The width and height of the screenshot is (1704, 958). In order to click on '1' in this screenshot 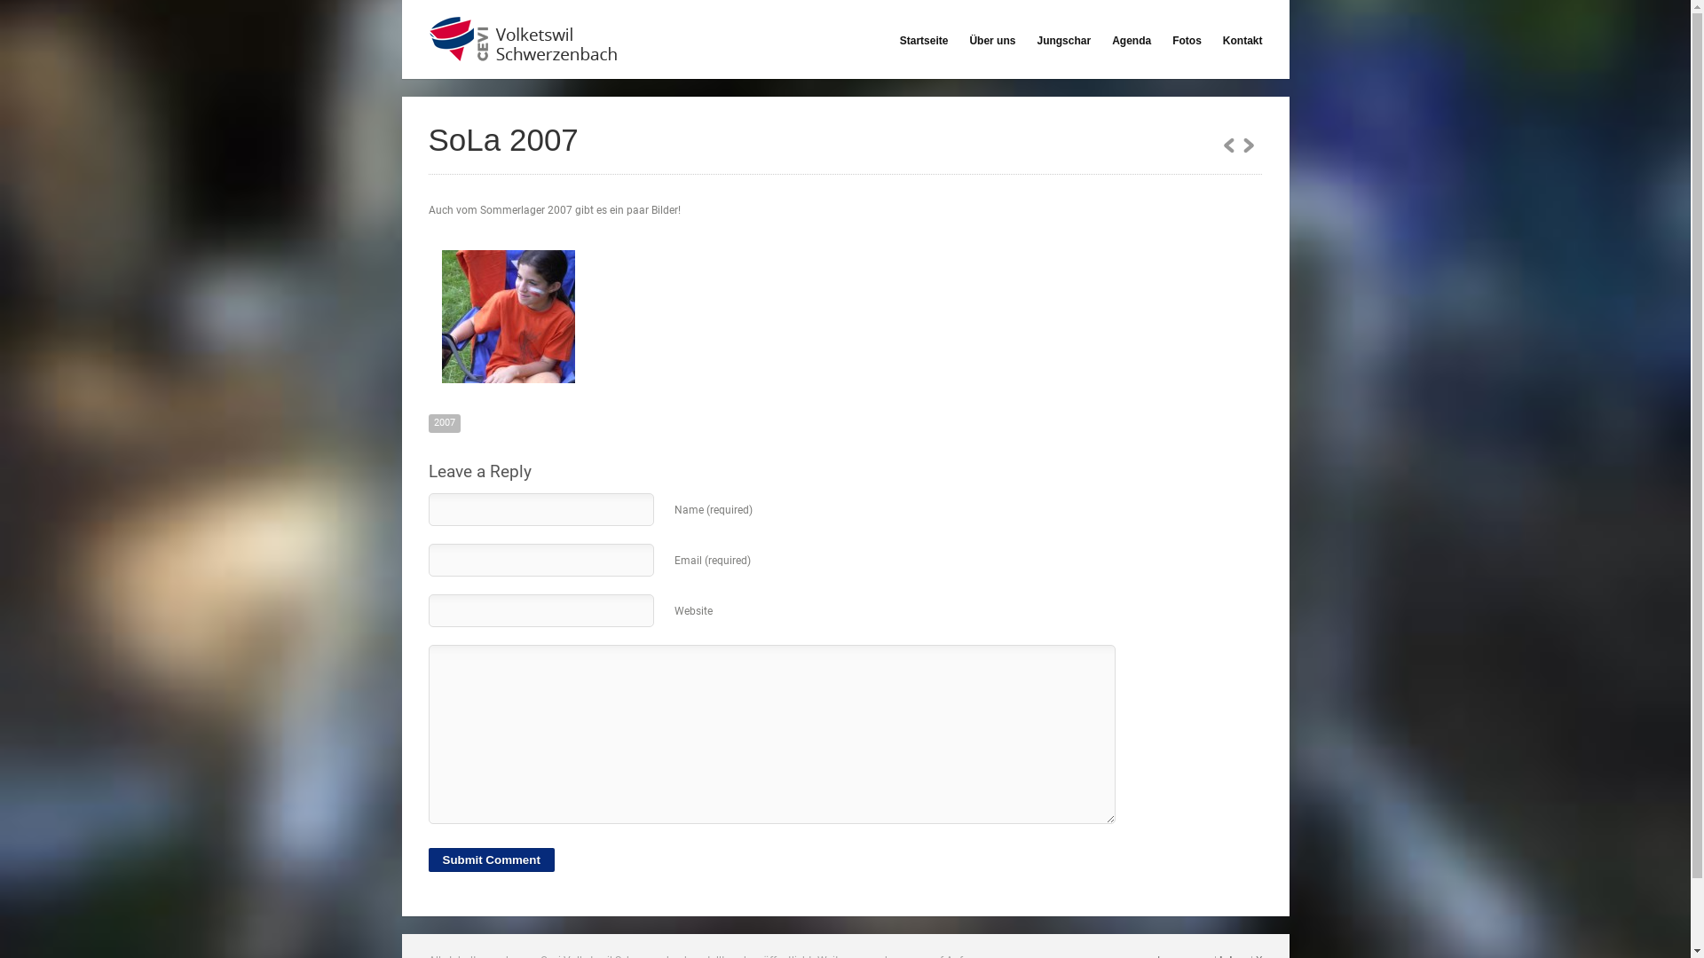, I will do `click(1221, 143)`.